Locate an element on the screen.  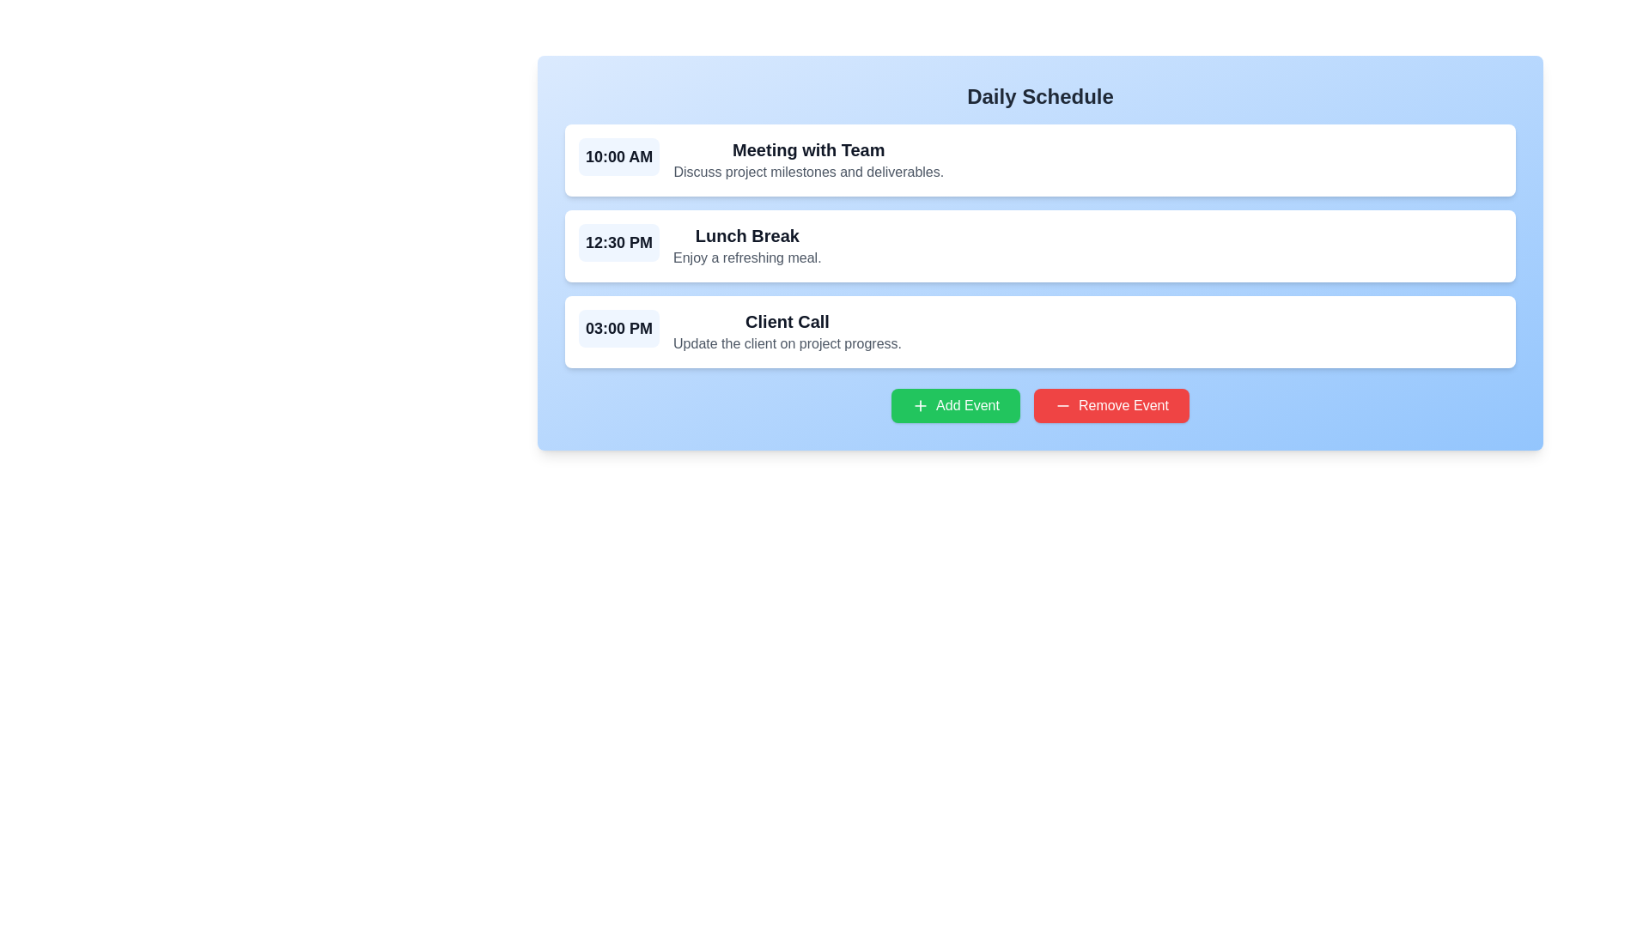
the time indicator text label for the event entry, which is the third time indicator in the daily schedule interface, located to the left of the 'Client Call' title is located at coordinates (618, 328).